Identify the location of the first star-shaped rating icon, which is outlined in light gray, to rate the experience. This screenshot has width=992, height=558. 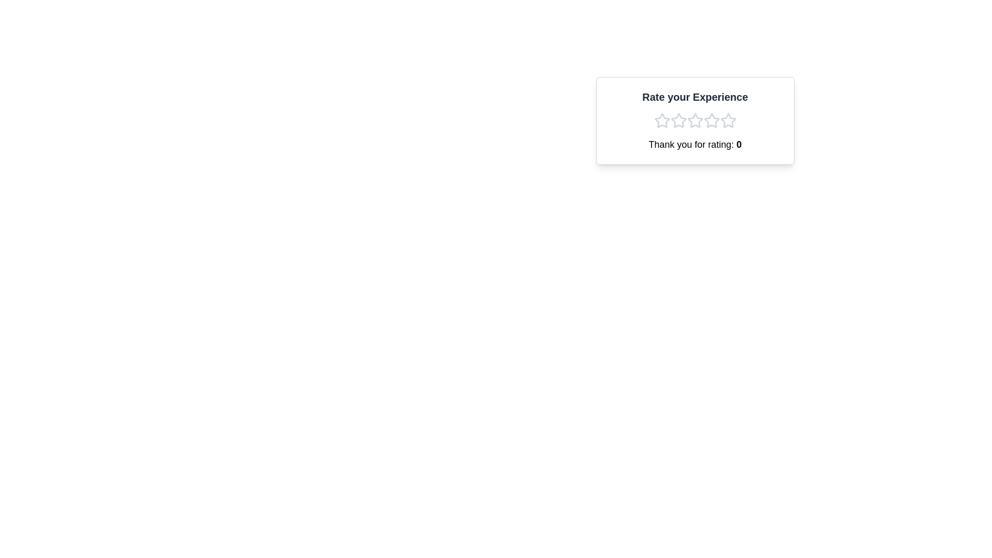
(678, 120).